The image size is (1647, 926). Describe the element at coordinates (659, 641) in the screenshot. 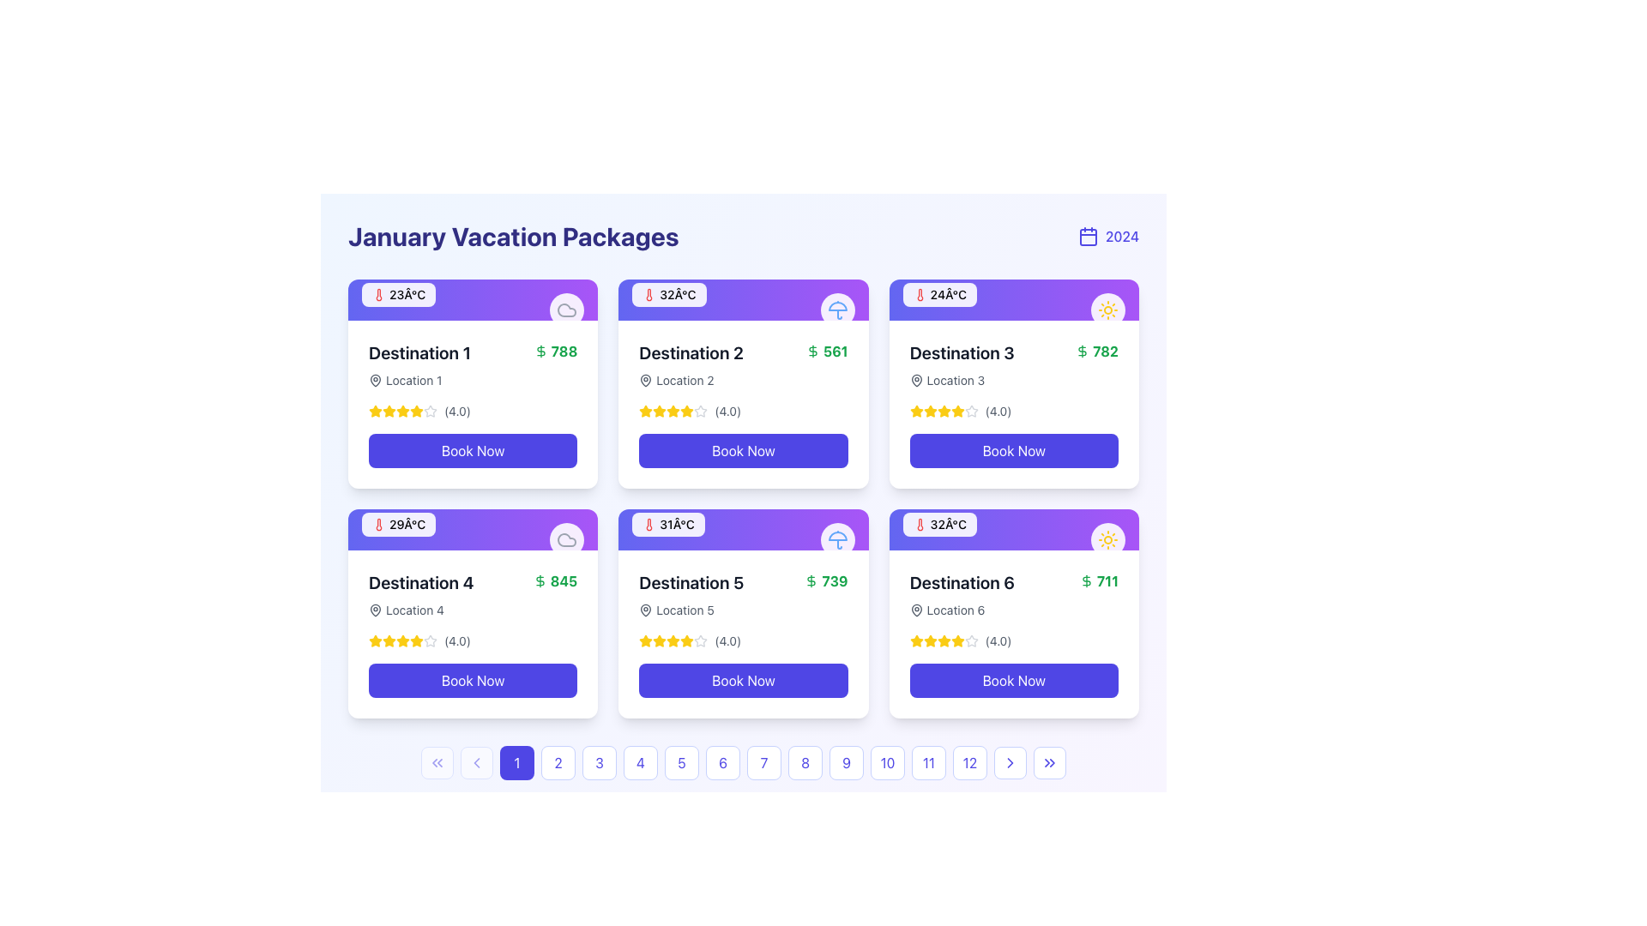

I see `the third yellow star icon in the rating system displayed beneath 'Destination 5' and 'Location 5'` at that location.